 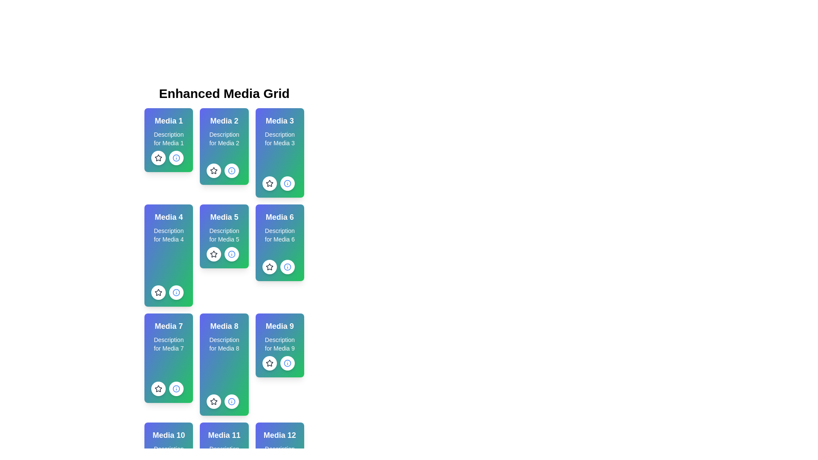 I want to click on the title text for the 'Media 3' card located at the top section of the third card in the first row of the grid layout, so click(x=279, y=121).